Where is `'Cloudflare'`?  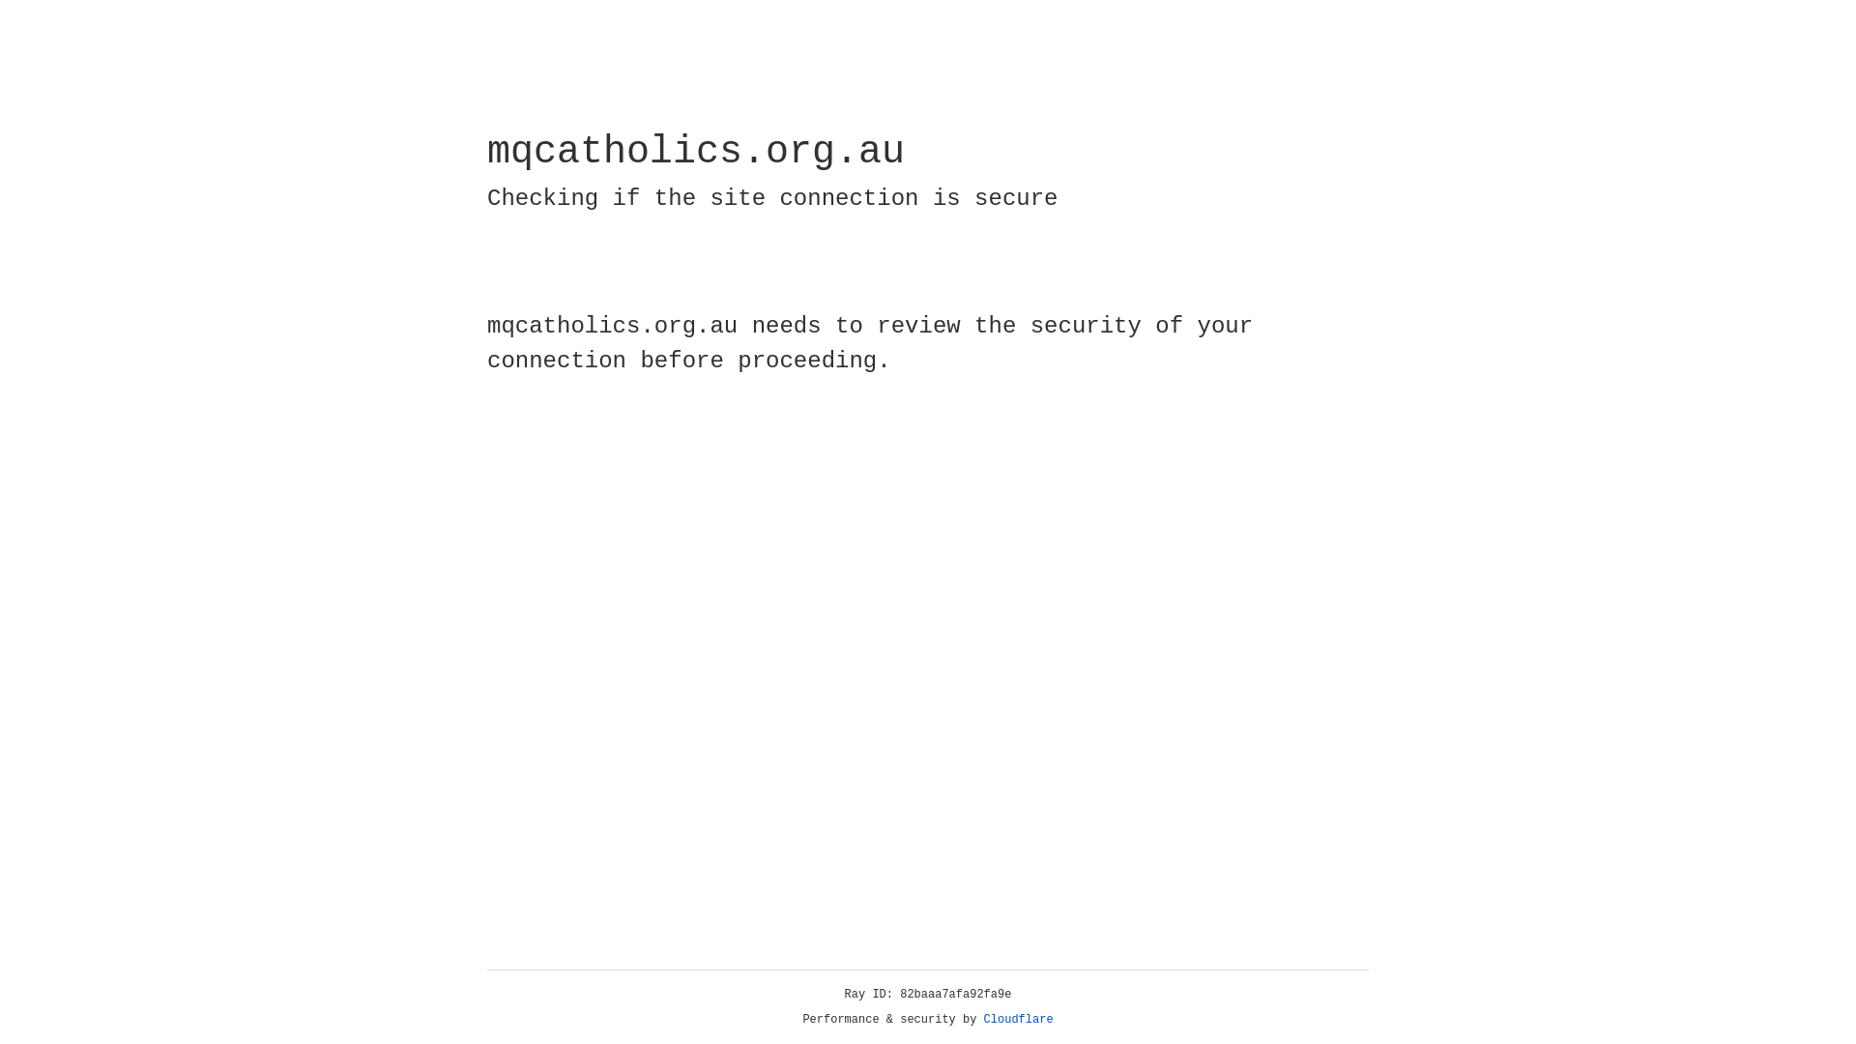 'Cloudflare' is located at coordinates (1018, 1019).